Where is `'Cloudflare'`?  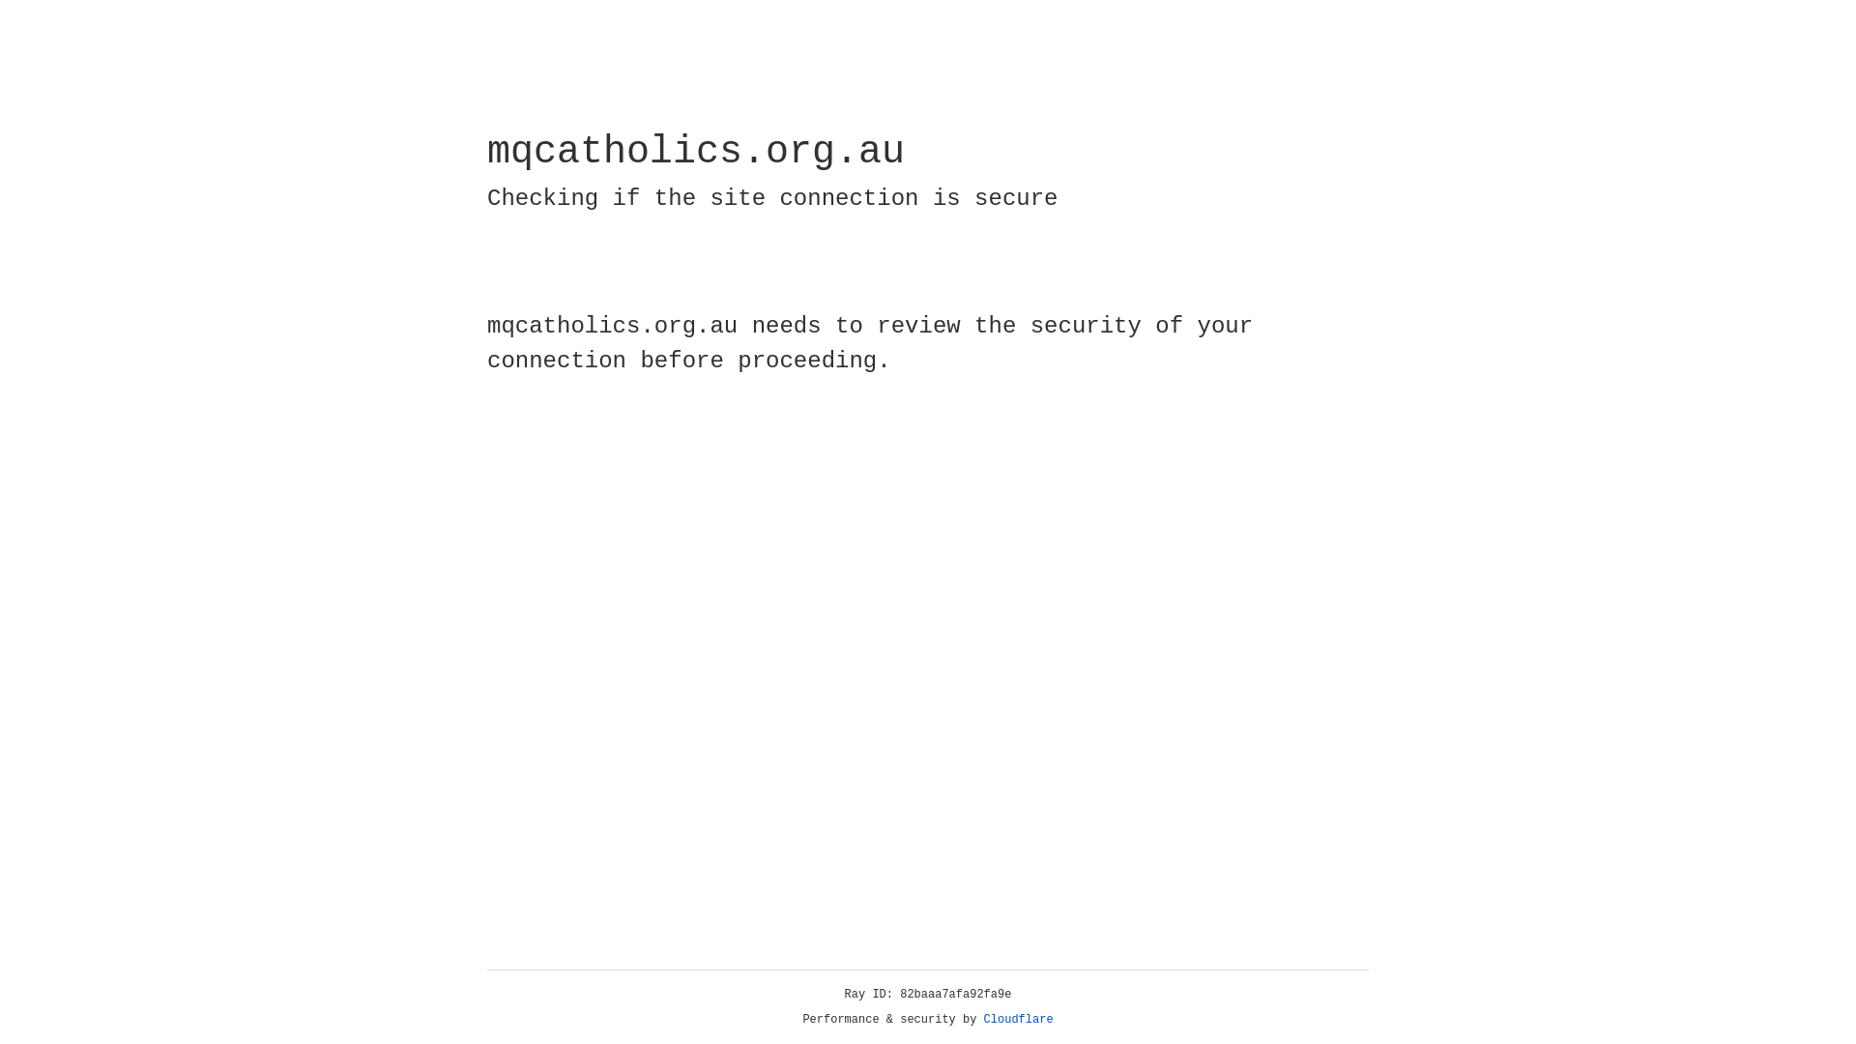 'Cloudflare' is located at coordinates (1018, 1019).